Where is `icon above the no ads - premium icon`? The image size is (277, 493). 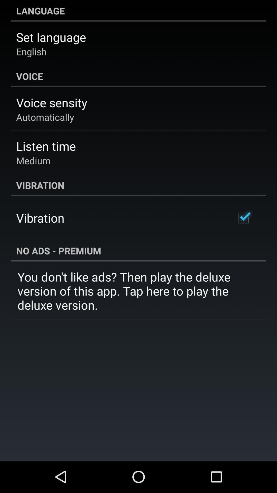
icon above the no ads - premium icon is located at coordinates (243, 218).